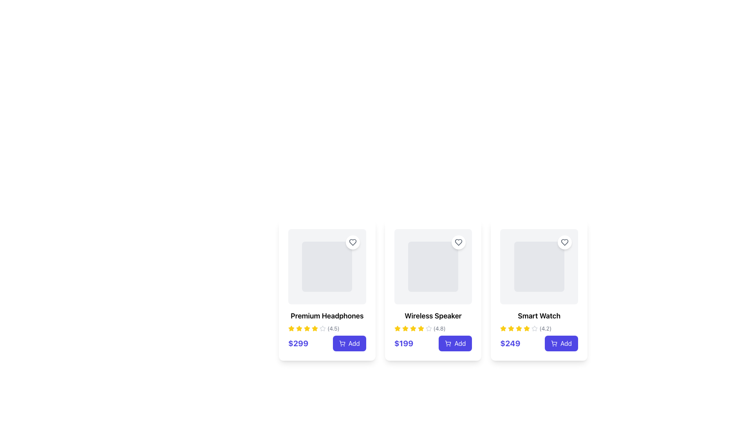  What do you see at coordinates (291, 328) in the screenshot?
I see `the yellow five-pointed star icon indicating the rating for the product 'Premium Headphones', located in the first column of the star rating system` at bounding box center [291, 328].